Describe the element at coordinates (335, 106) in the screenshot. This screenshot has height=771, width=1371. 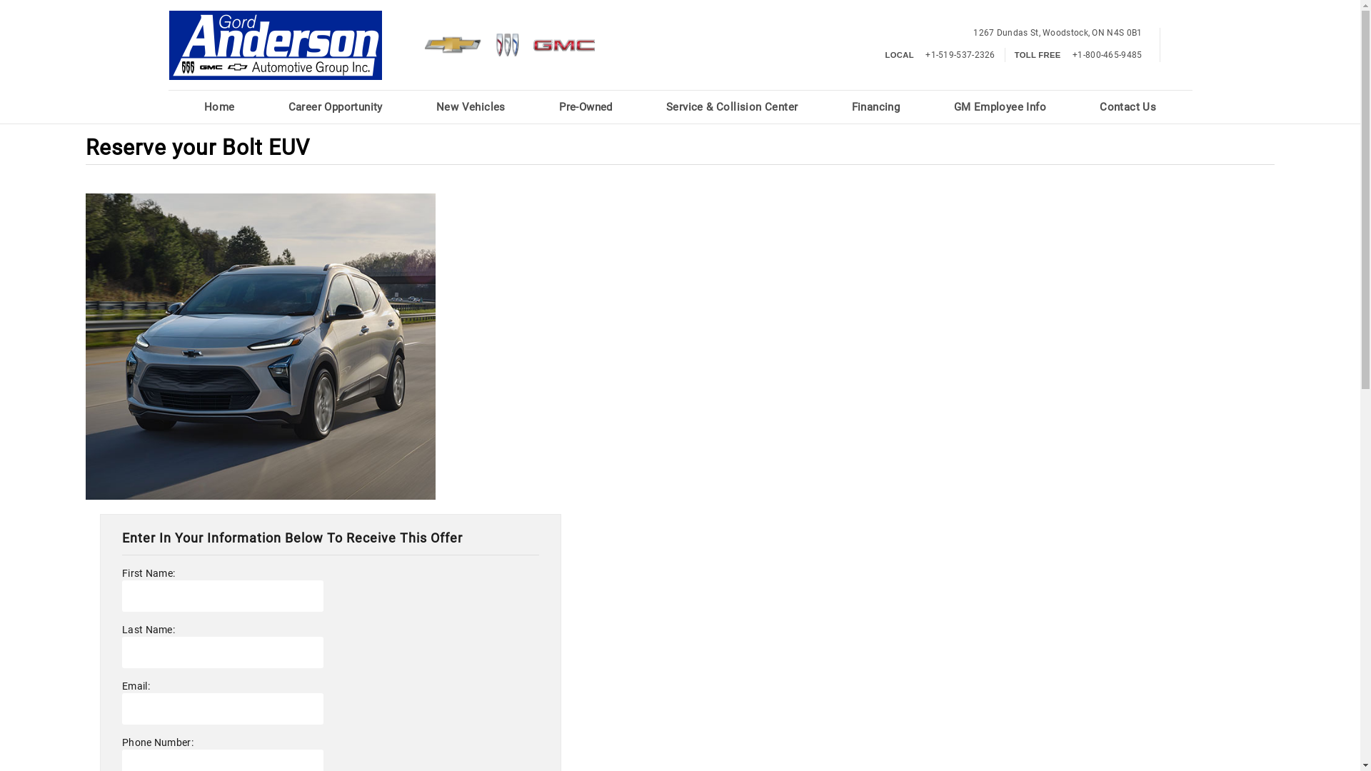
I see `'Career Opportunity'` at that location.